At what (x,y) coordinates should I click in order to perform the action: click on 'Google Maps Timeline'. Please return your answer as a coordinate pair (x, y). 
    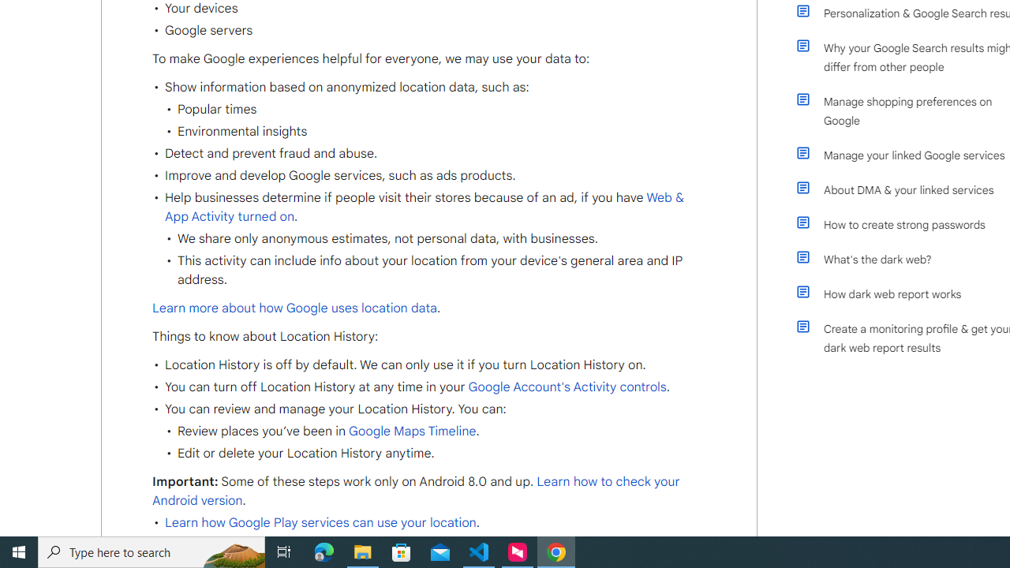
    Looking at the image, I should click on (412, 432).